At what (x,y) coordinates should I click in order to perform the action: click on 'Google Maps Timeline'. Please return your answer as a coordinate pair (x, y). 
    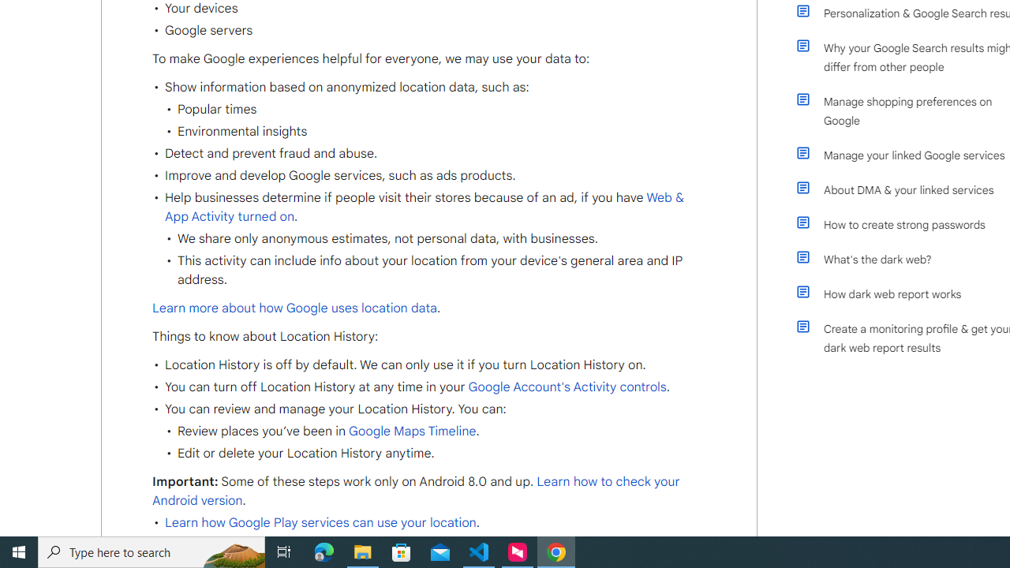
    Looking at the image, I should click on (412, 432).